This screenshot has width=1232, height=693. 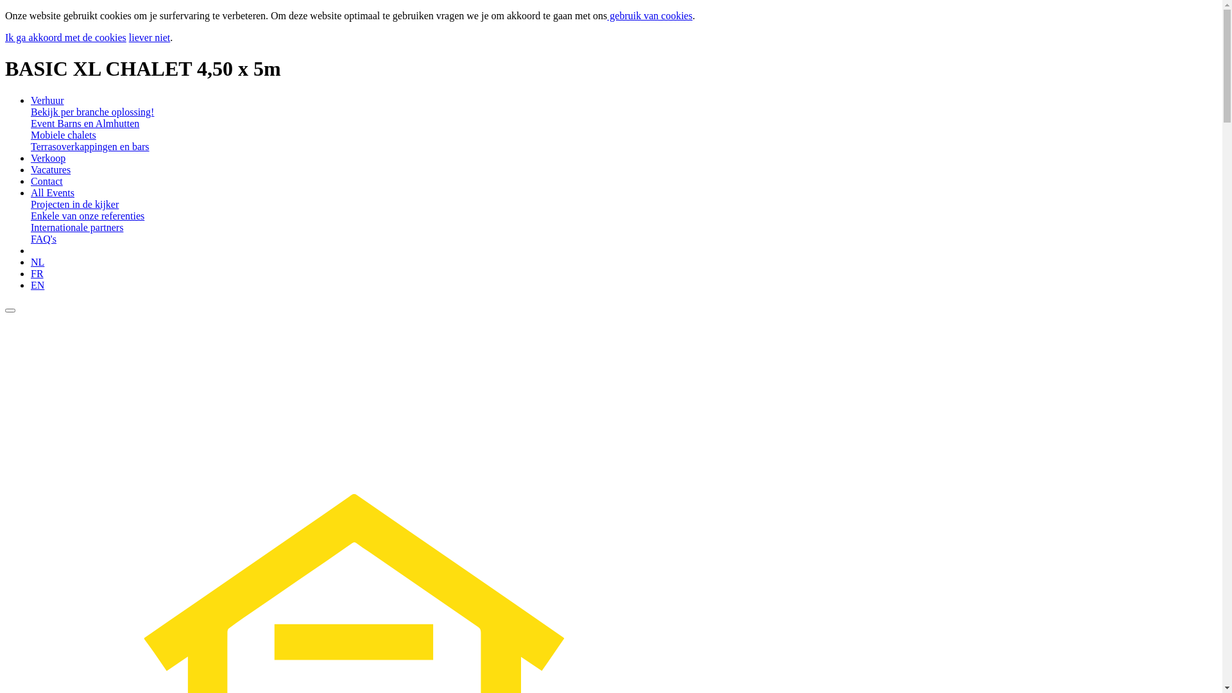 What do you see at coordinates (37, 261) in the screenshot?
I see `'NL'` at bounding box center [37, 261].